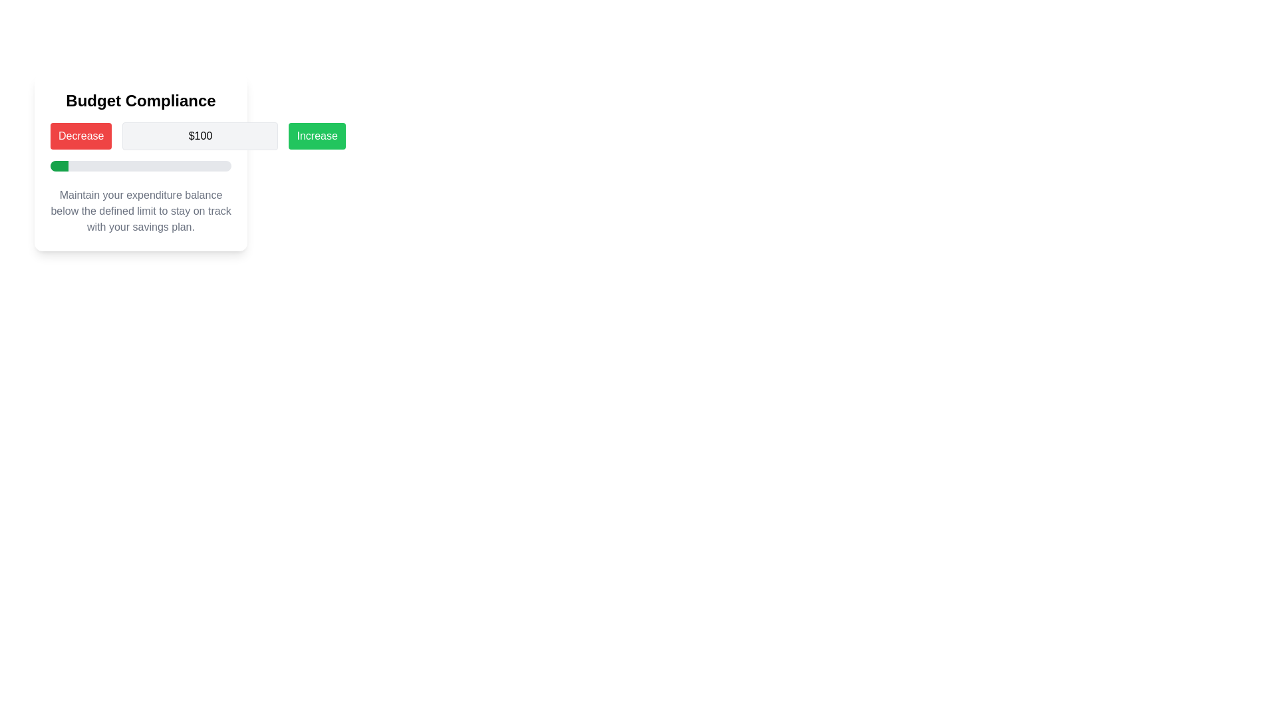  What do you see at coordinates (316, 136) in the screenshot?
I see `the rightmost button in the horizontal group to increase the associated value displayed in the input box` at bounding box center [316, 136].